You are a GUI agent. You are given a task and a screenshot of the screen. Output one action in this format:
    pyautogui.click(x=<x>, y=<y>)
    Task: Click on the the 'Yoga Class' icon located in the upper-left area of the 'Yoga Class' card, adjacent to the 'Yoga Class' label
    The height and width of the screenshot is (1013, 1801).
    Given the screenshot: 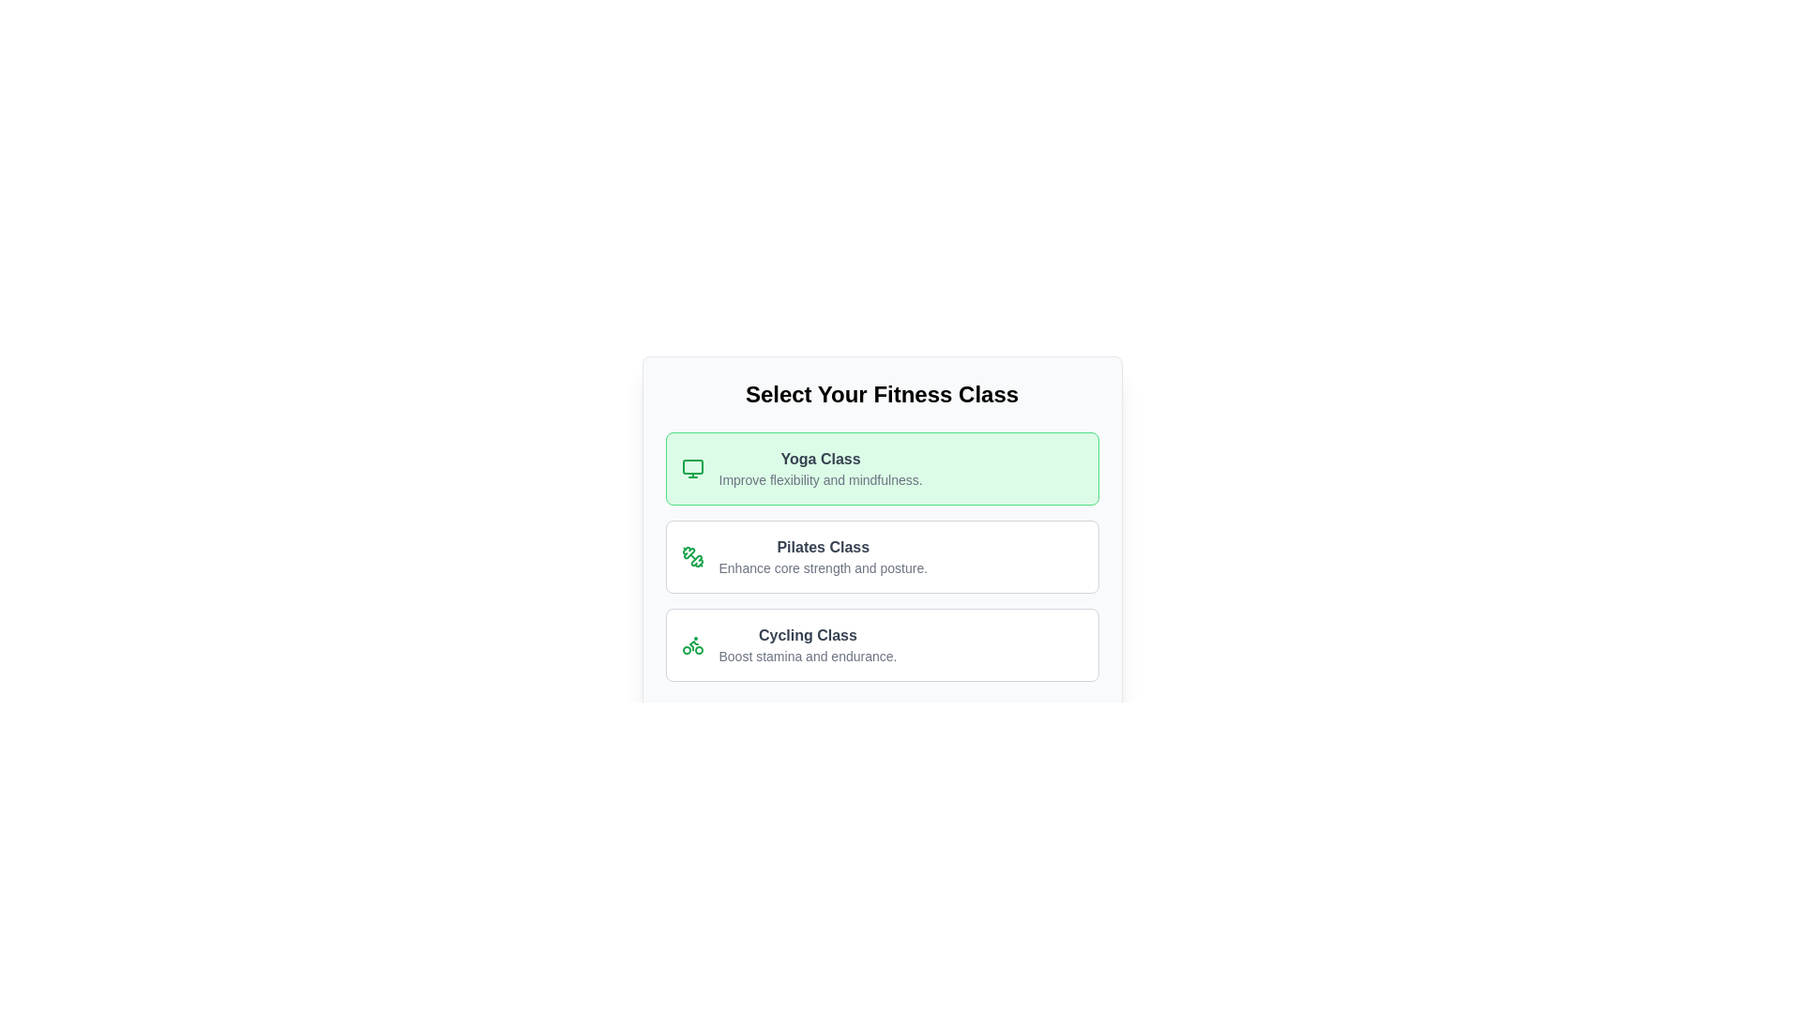 What is the action you would take?
    pyautogui.click(x=691, y=468)
    